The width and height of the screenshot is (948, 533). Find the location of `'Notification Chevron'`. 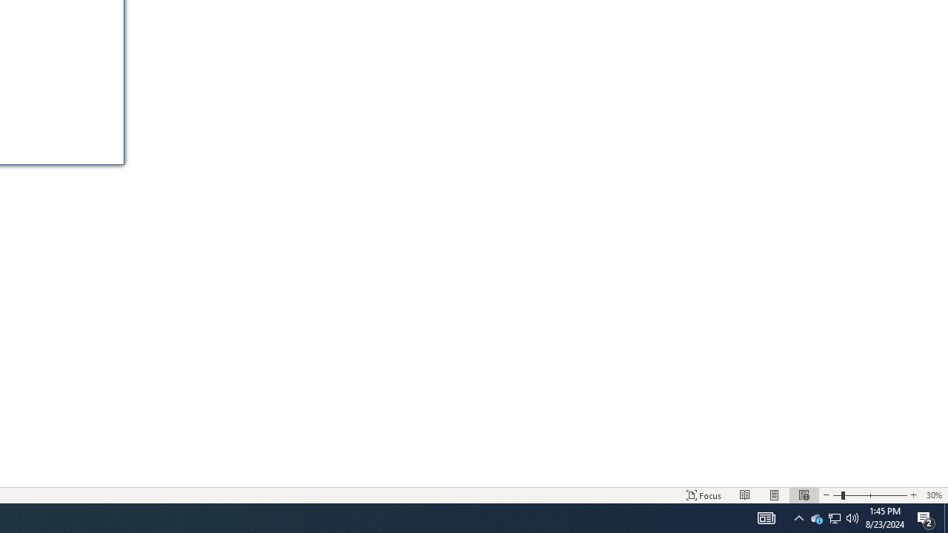

'Notification Chevron' is located at coordinates (798, 517).